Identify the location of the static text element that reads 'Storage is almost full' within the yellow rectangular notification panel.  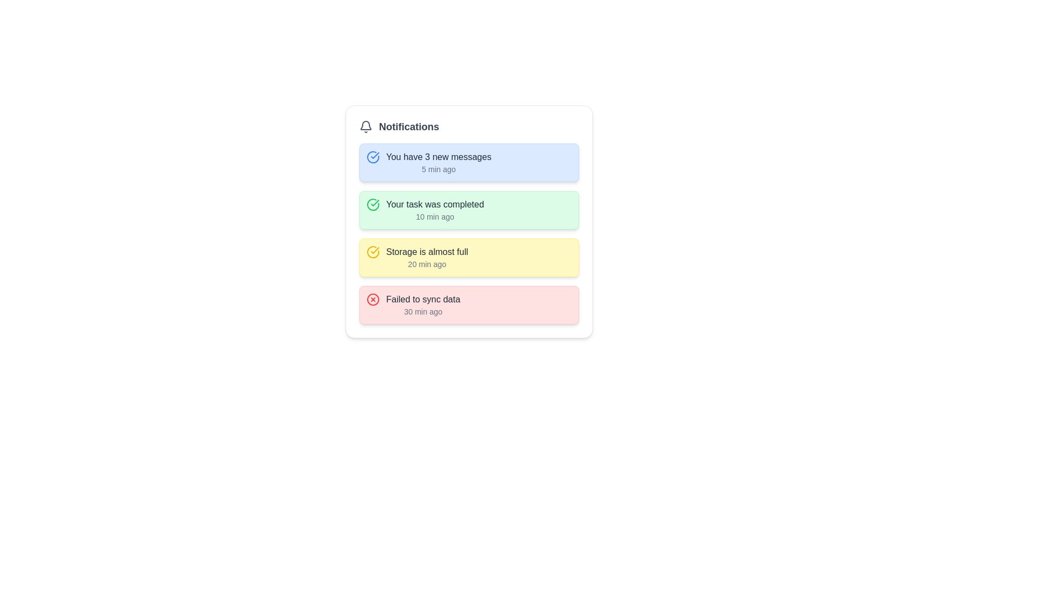
(426, 252).